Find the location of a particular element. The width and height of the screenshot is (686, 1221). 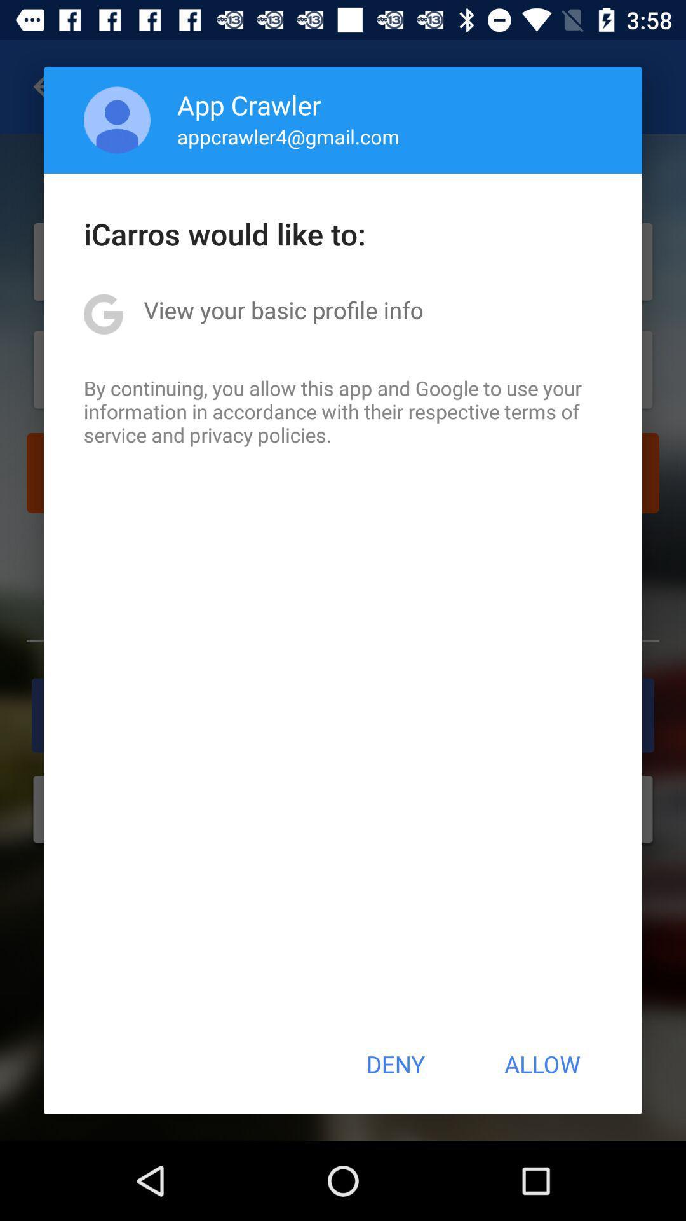

view your basic item is located at coordinates (283, 310).